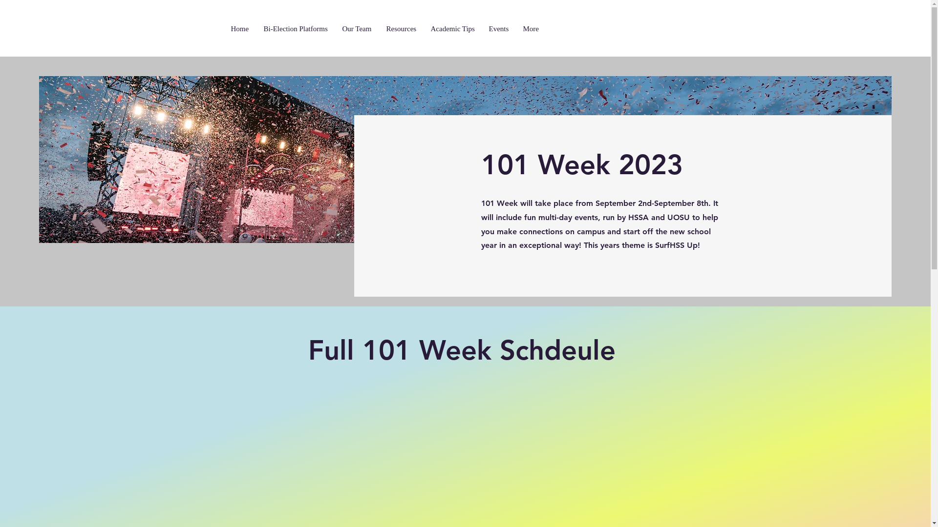 This screenshot has width=938, height=527. Describe the element at coordinates (298, 28) in the screenshot. I see `'Bi-Election Platforms'` at that location.